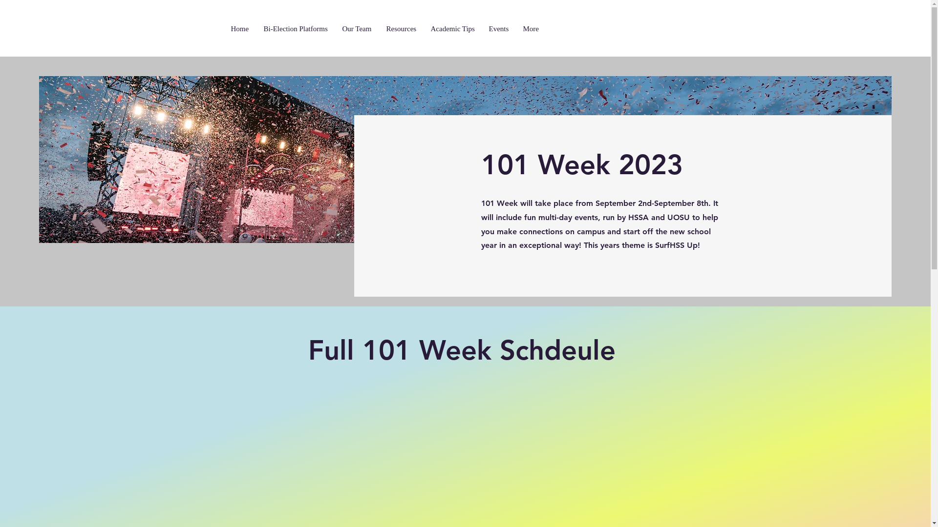 This screenshot has width=938, height=527. Describe the element at coordinates (298, 28) in the screenshot. I see `'Bi-Election Platforms'` at that location.